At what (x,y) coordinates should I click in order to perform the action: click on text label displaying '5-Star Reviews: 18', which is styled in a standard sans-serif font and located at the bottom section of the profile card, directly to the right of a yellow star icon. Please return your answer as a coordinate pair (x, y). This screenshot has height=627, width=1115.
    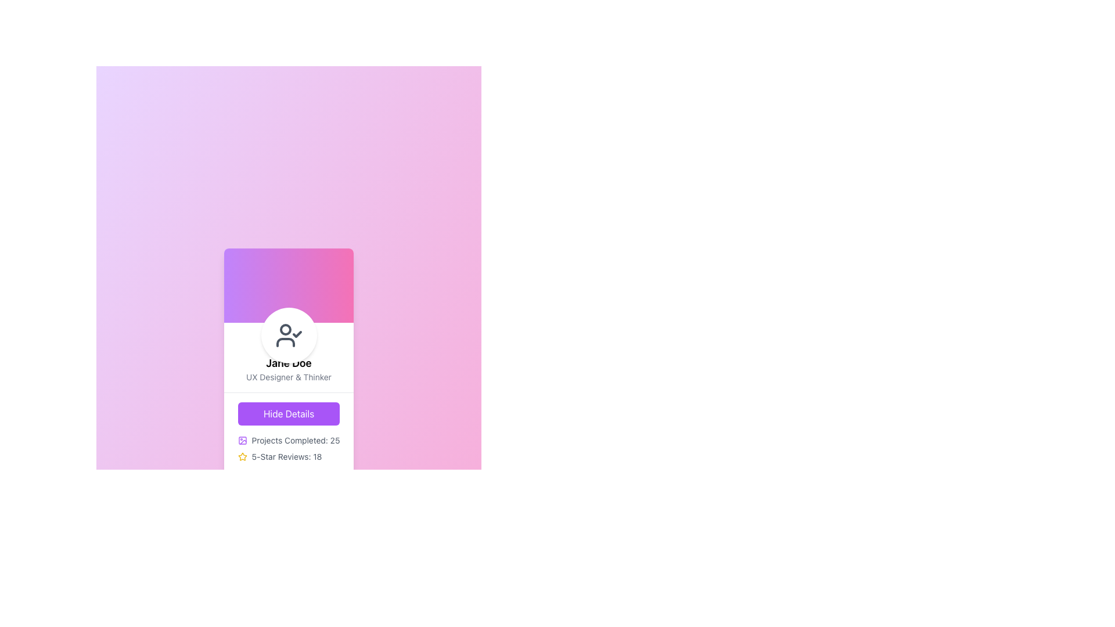
    Looking at the image, I should click on (287, 456).